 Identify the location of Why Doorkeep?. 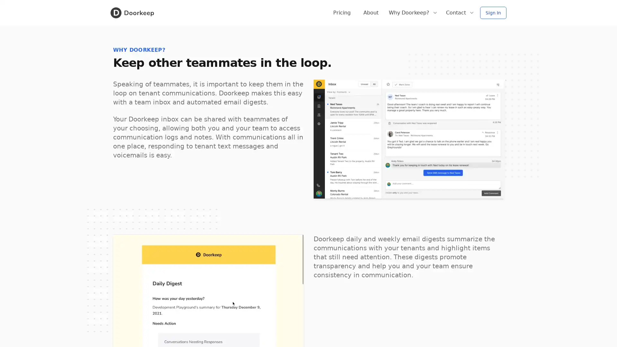
(413, 13).